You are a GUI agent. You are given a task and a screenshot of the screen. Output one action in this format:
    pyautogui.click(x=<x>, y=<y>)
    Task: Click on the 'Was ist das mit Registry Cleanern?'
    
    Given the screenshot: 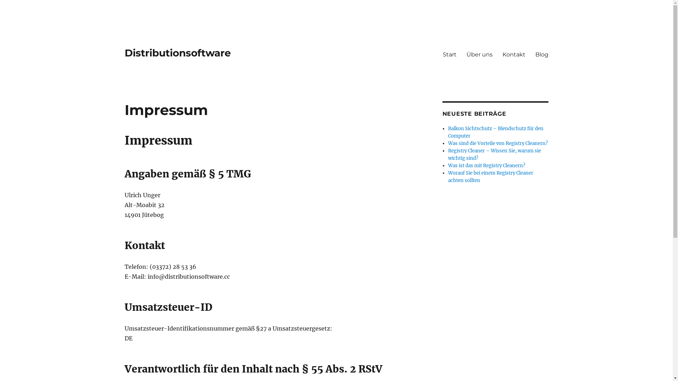 What is the action you would take?
    pyautogui.click(x=447, y=165)
    